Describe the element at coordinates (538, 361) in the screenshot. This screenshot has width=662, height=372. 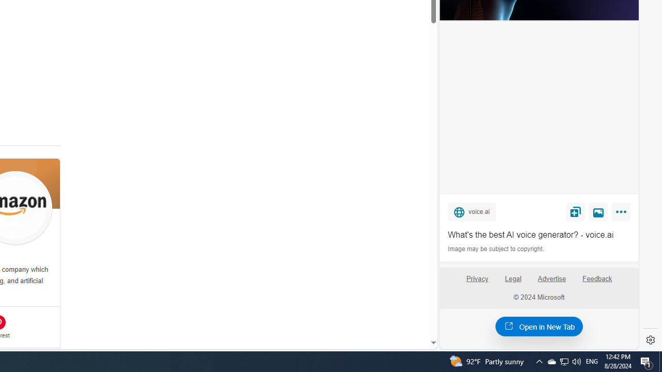
I see `'Notification Chevron'` at that location.